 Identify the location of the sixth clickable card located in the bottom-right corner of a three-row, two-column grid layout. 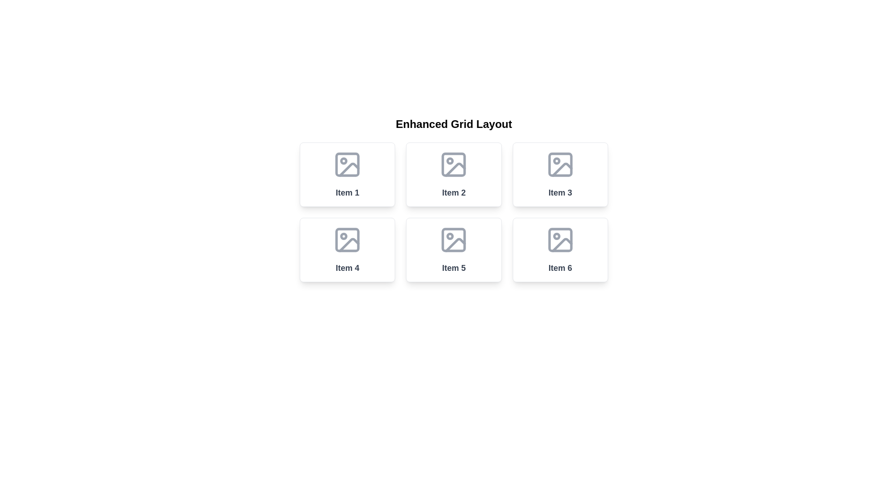
(560, 250).